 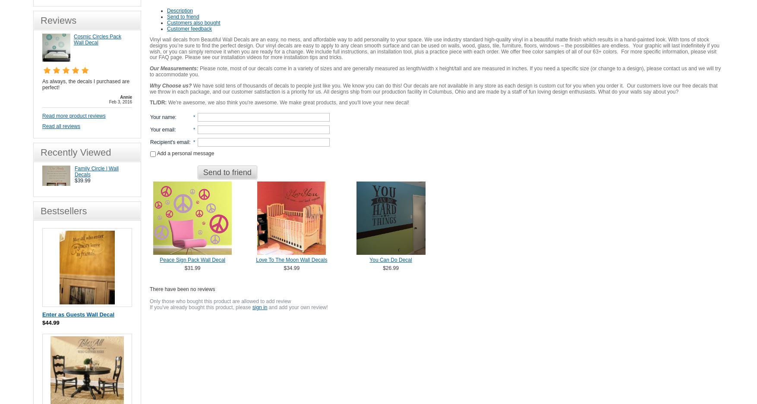 I want to click on 'Reviews', so click(x=58, y=20).